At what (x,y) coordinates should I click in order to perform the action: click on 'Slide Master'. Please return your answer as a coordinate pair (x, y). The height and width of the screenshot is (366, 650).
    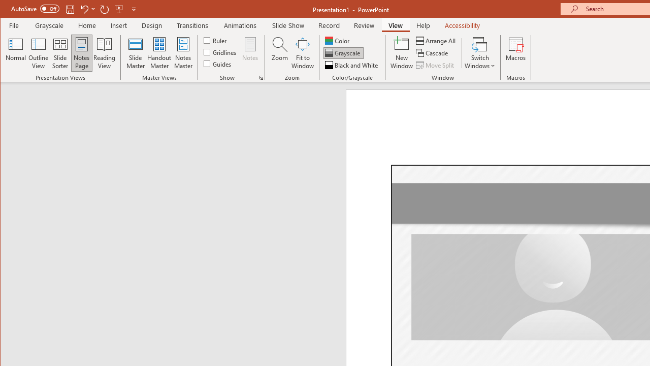
    Looking at the image, I should click on (135, 53).